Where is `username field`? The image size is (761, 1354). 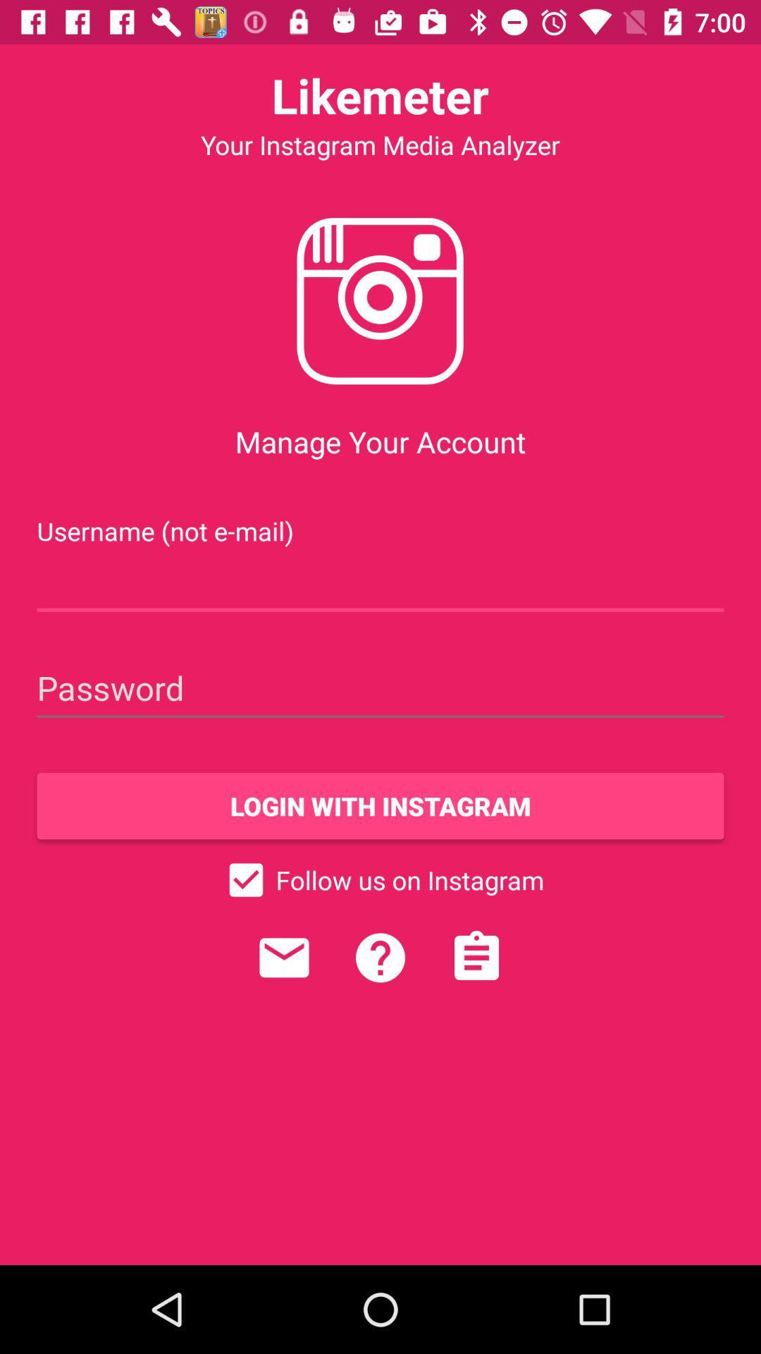 username field is located at coordinates (380, 583).